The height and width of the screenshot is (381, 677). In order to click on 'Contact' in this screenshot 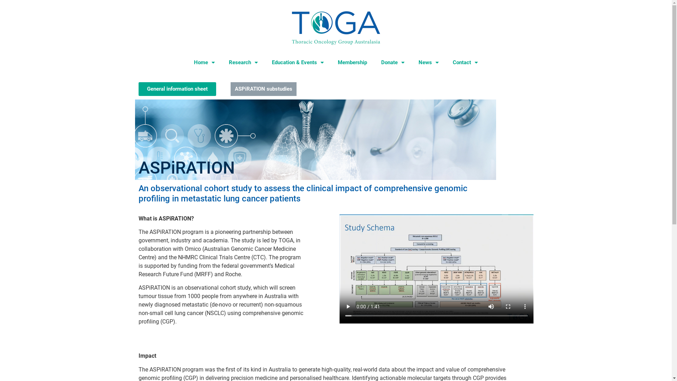, I will do `click(465, 62)`.